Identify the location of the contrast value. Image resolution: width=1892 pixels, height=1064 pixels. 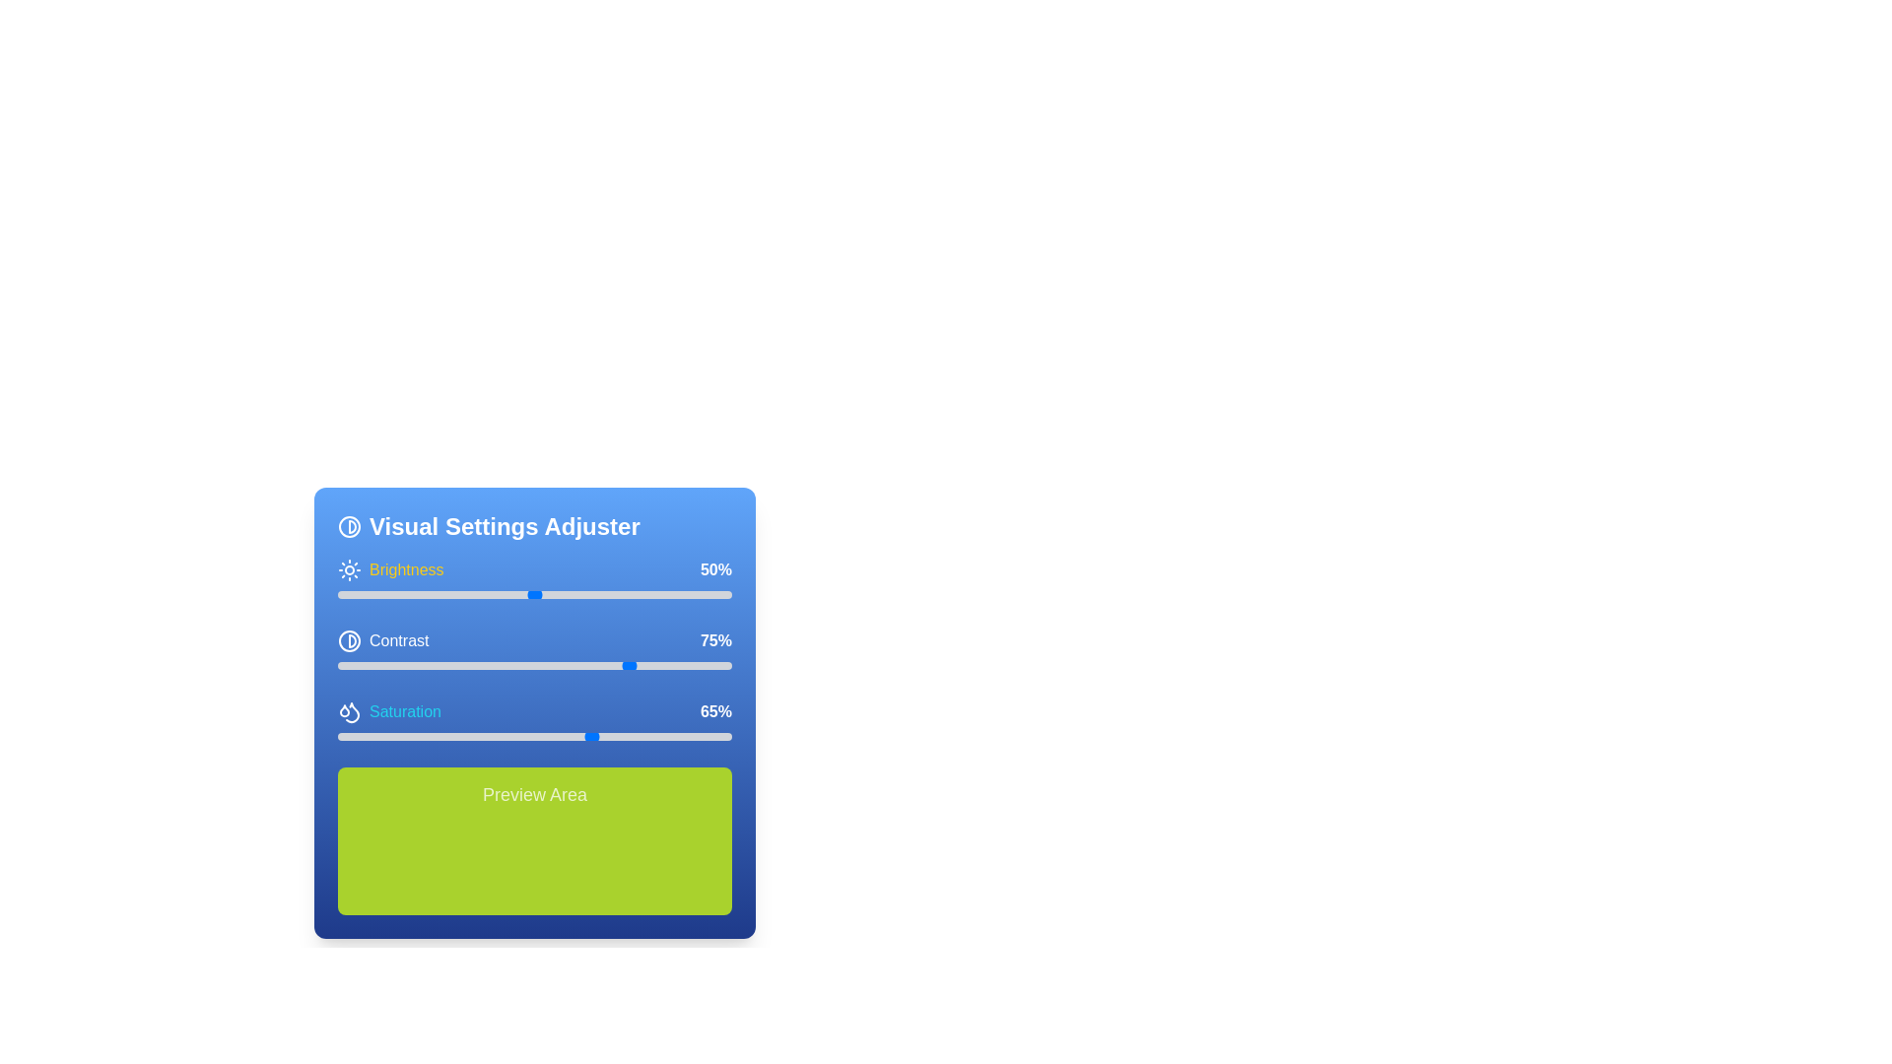
(644, 665).